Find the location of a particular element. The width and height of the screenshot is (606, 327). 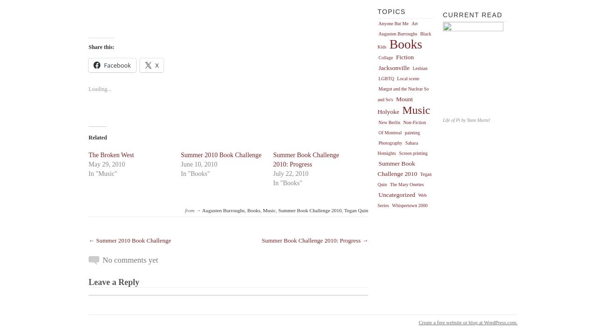

'Web Series' is located at coordinates (402, 200).